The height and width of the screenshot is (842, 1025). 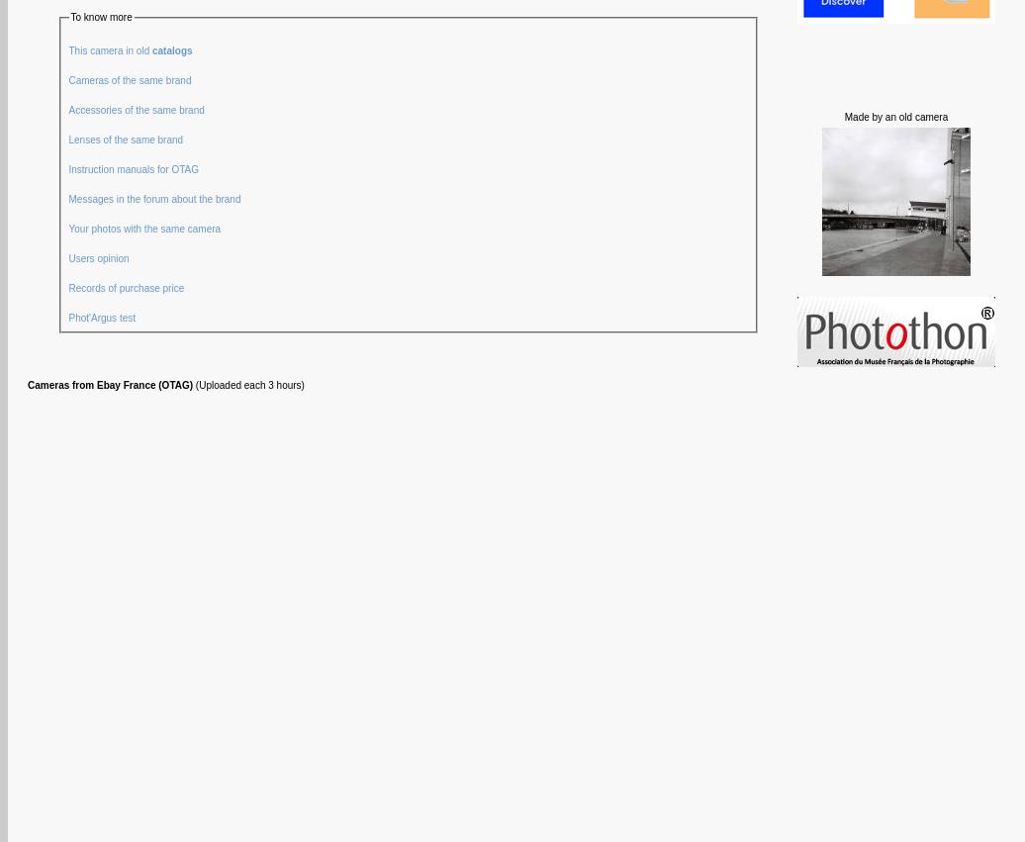 I want to click on '(Uploaded each 3 hours)', so click(x=192, y=383).